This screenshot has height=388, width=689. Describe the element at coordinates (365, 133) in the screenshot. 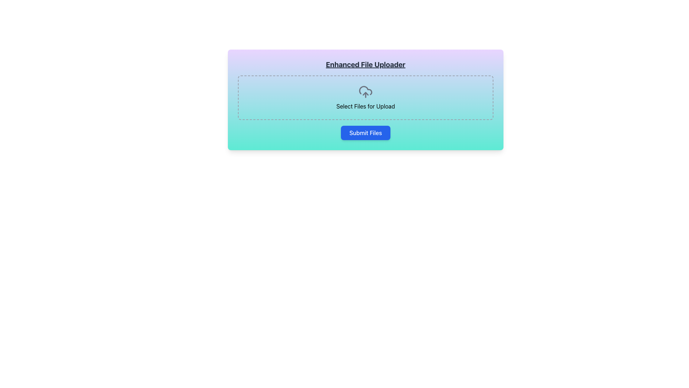

I see `the 'Submit Files' button to observe its hover effect, which changes the background color to a darker blue` at that location.